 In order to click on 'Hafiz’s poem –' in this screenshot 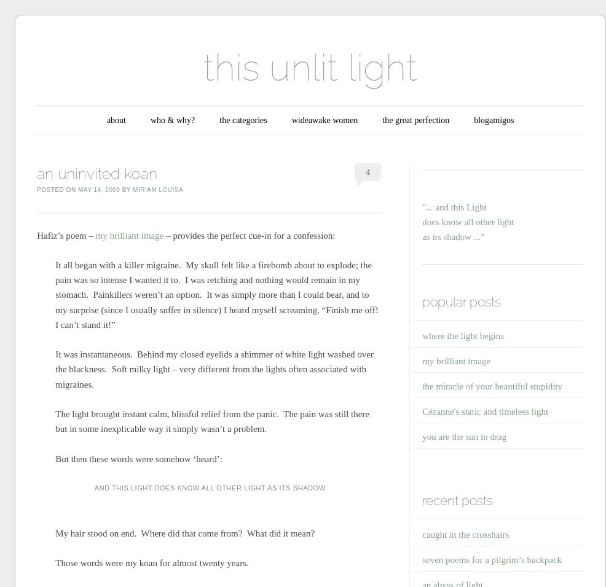, I will do `click(65, 234)`.